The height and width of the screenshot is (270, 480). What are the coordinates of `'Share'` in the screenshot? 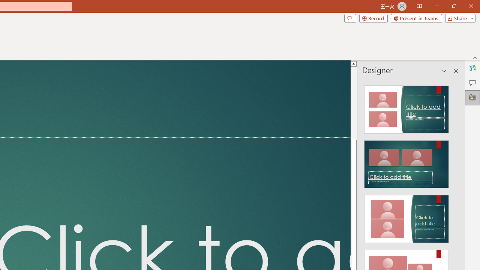 It's located at (458, 18).